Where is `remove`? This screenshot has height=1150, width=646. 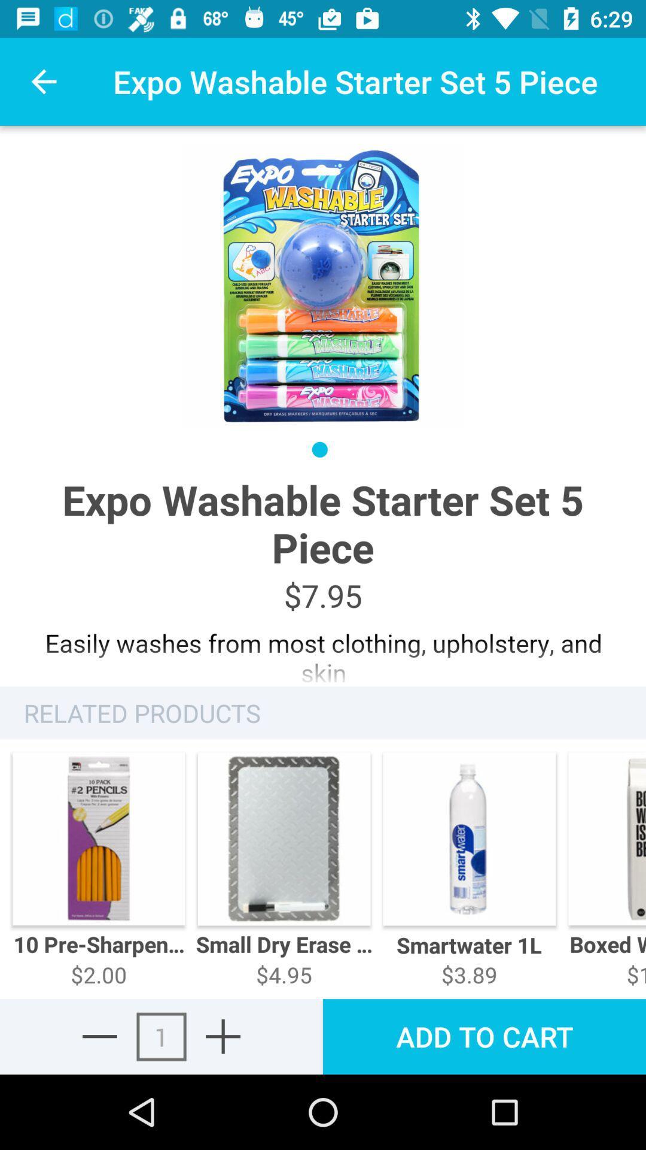 remove is located at coordinates (99, 1036).